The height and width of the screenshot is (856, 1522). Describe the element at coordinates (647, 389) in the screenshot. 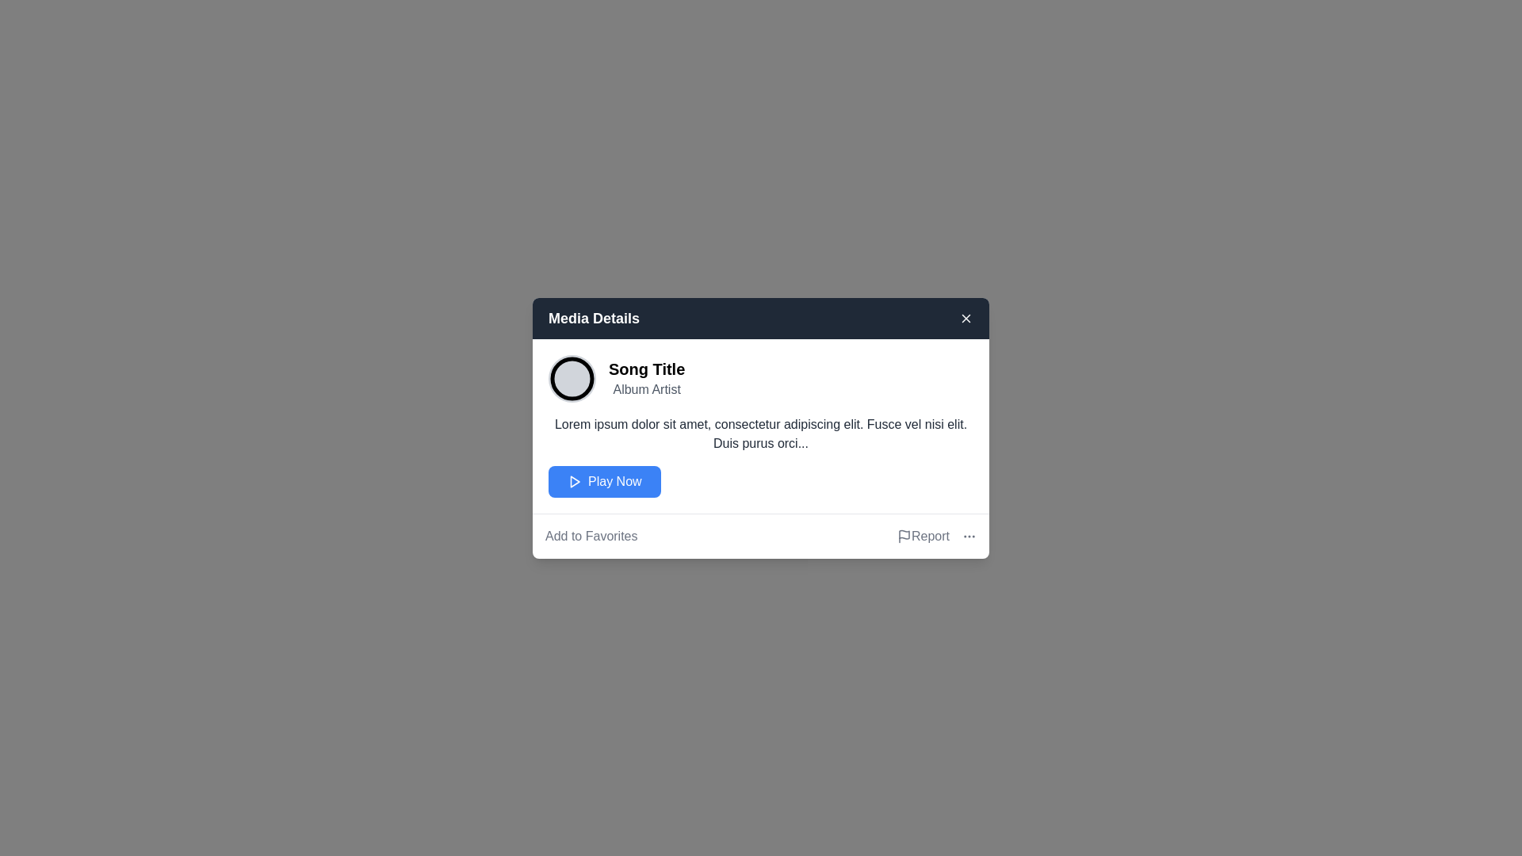

I see `the 'Album Artist' text label located under the 'Song Title' in the 'Media Details' card interface` at that location.